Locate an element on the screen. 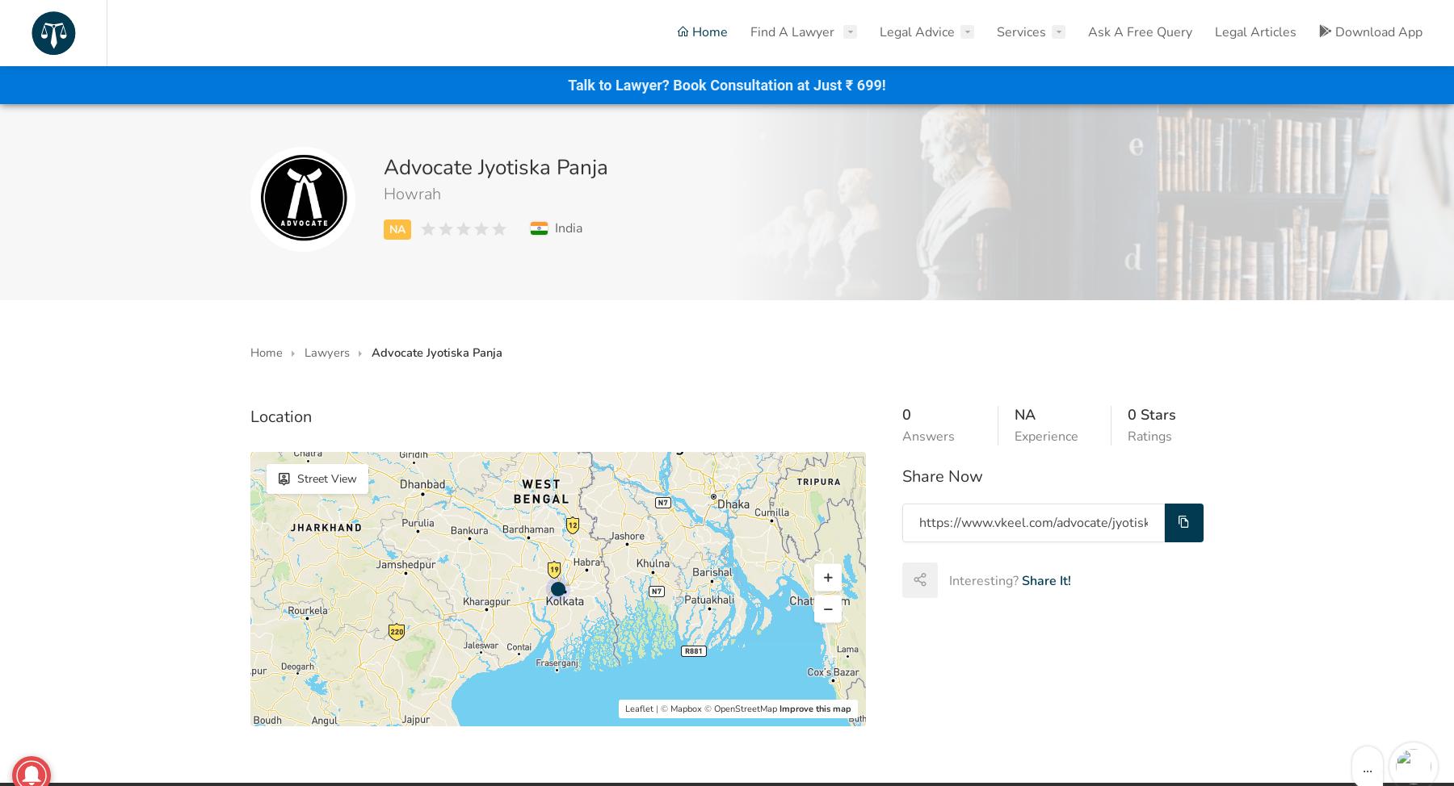 The image size is (1454, 786). 'Cyber Crime' is located at coordinates (935, 175).